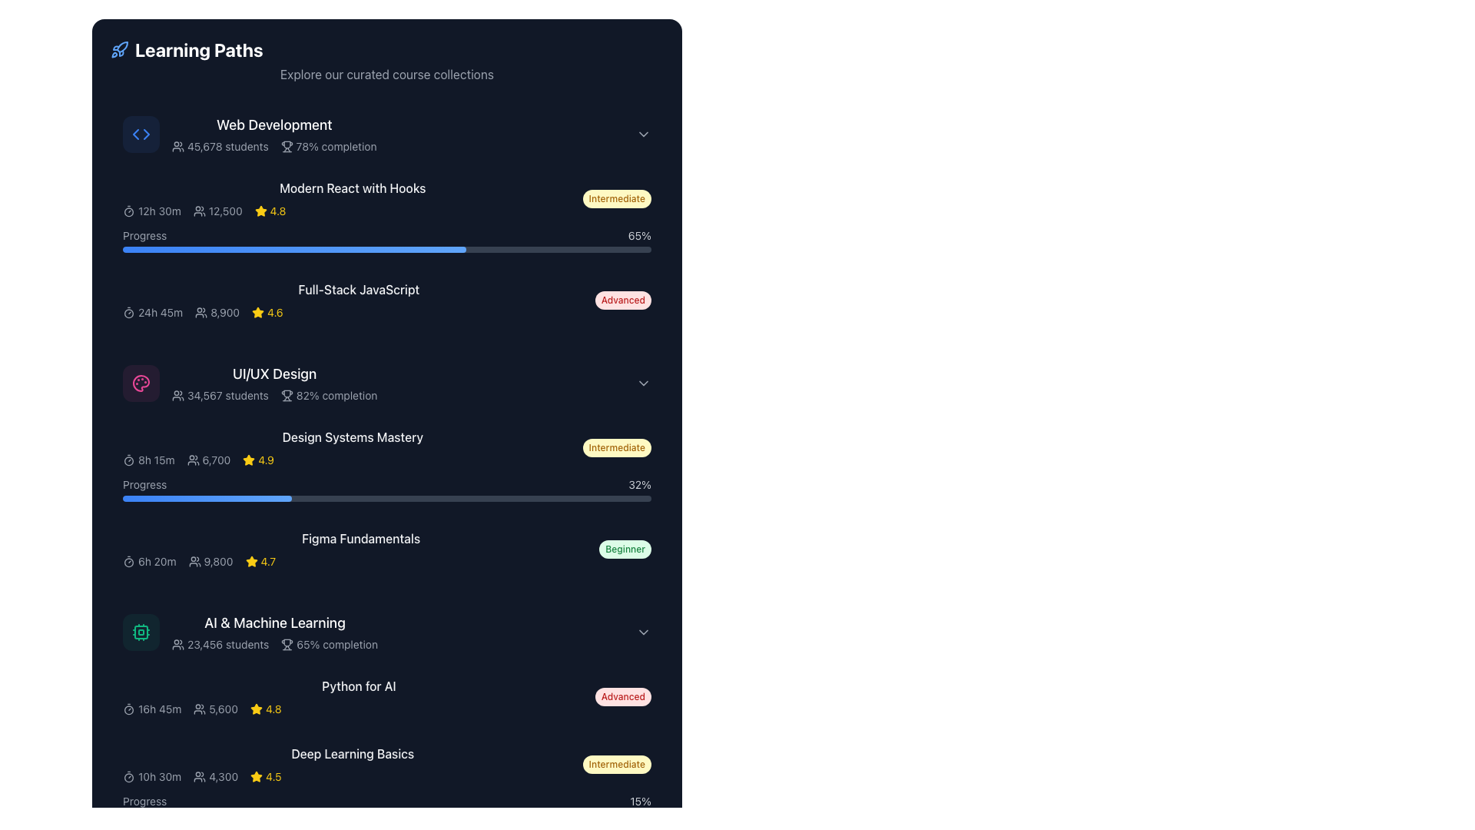  I want to click on the List item displaying the course summary for 'Full-Stack JavaScript', so click(387, 300).